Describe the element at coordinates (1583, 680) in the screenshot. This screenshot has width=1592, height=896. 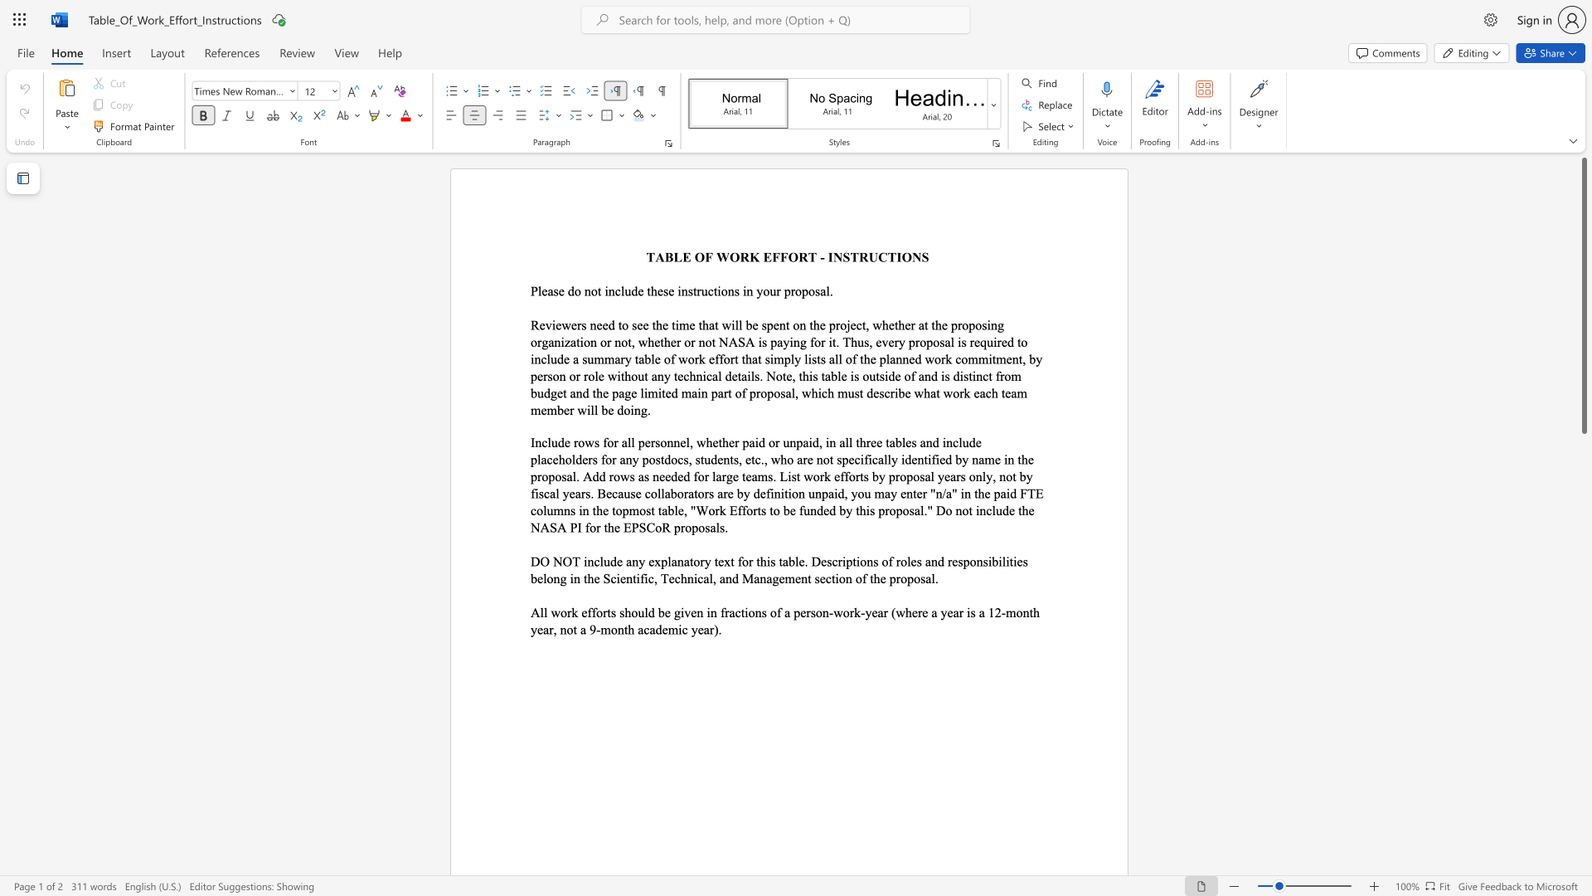
I see `the scrollbar on the right to shift the page lower` at that location.